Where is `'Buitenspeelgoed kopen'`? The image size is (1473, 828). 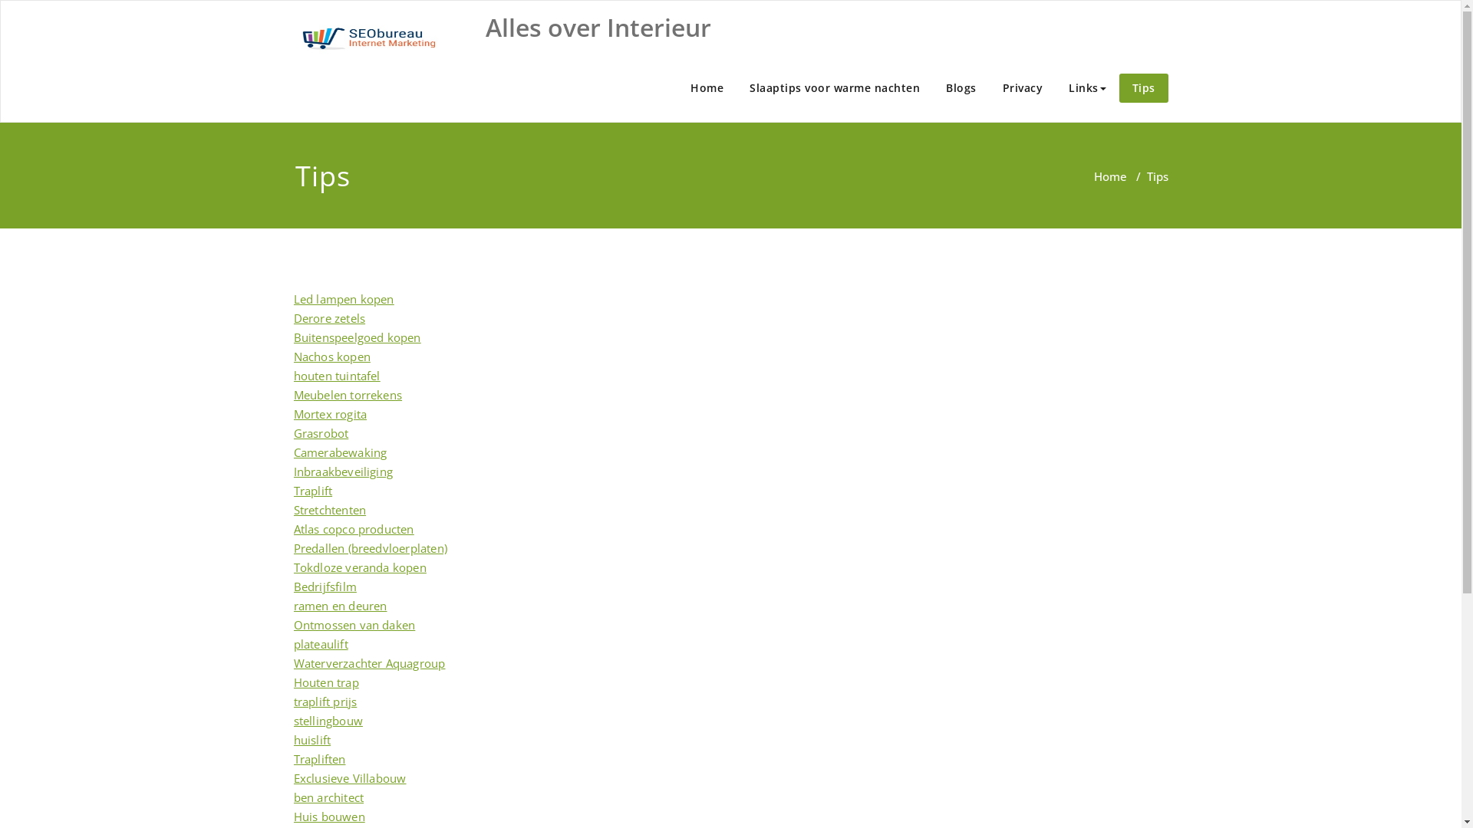 'Buitenspeelgoed kopen' is located at coordinates (293, 336).